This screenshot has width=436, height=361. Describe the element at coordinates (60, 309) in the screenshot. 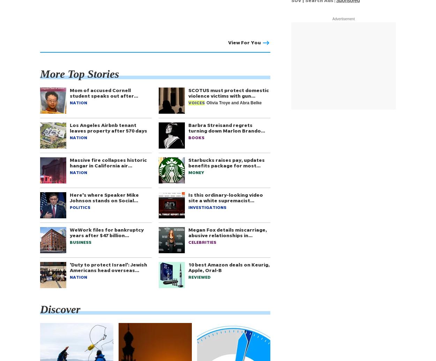

I see `'Discover'` at that location.